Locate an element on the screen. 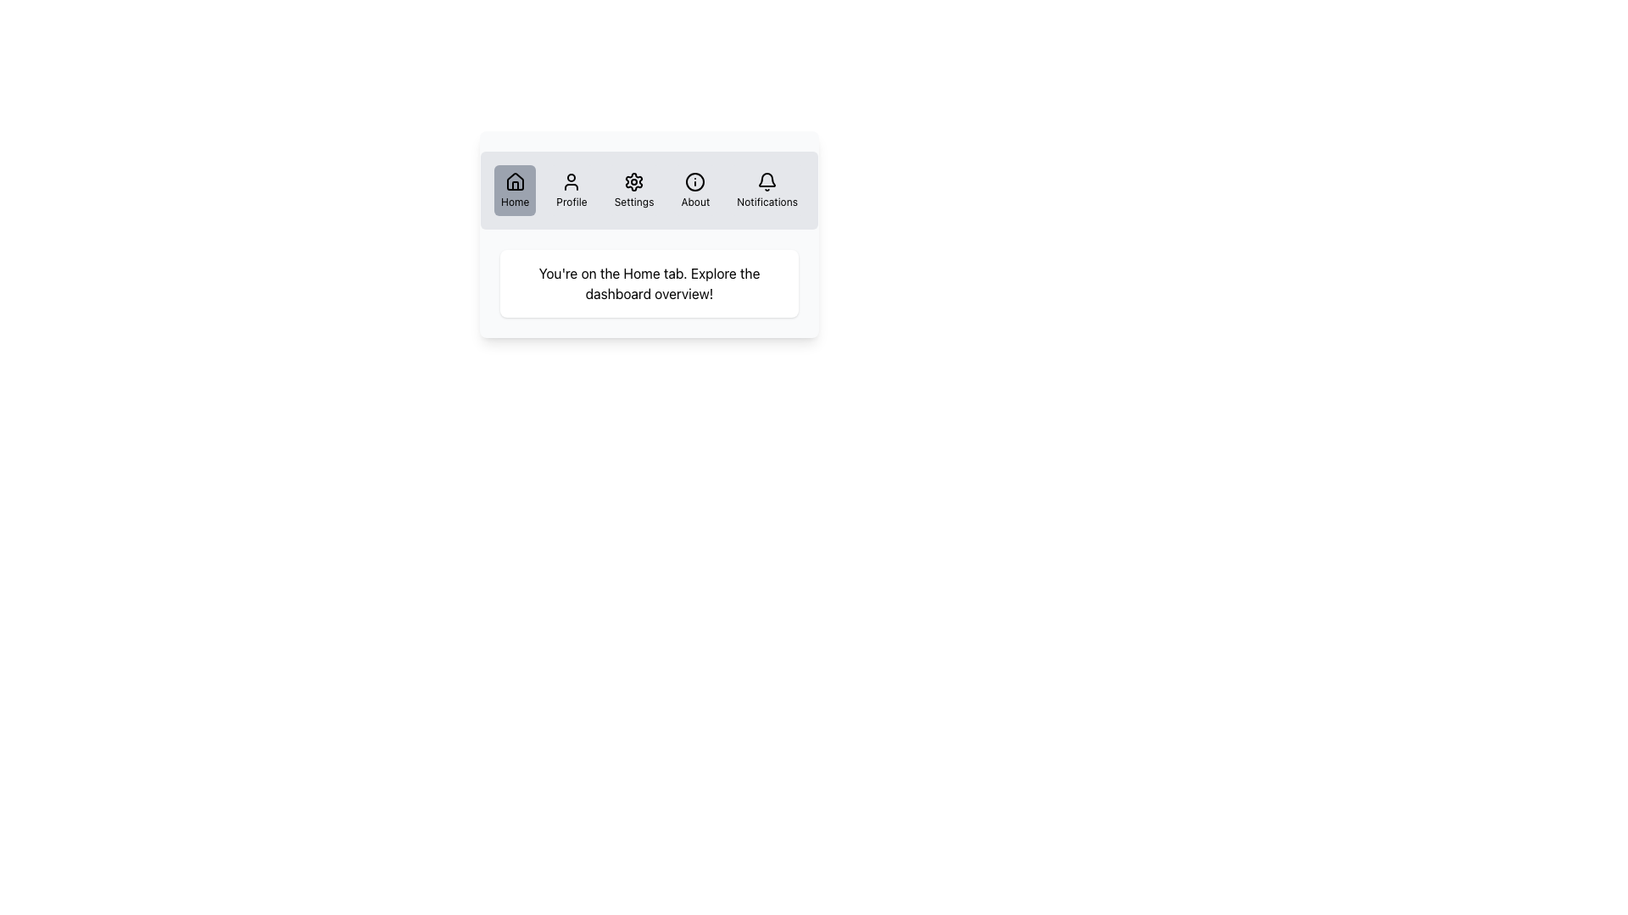  the 'Home' text label, which is displayed in small font below a house icon within a gray, rounded button in the top horizontal navigation bar is located at coordinates (514, 202).